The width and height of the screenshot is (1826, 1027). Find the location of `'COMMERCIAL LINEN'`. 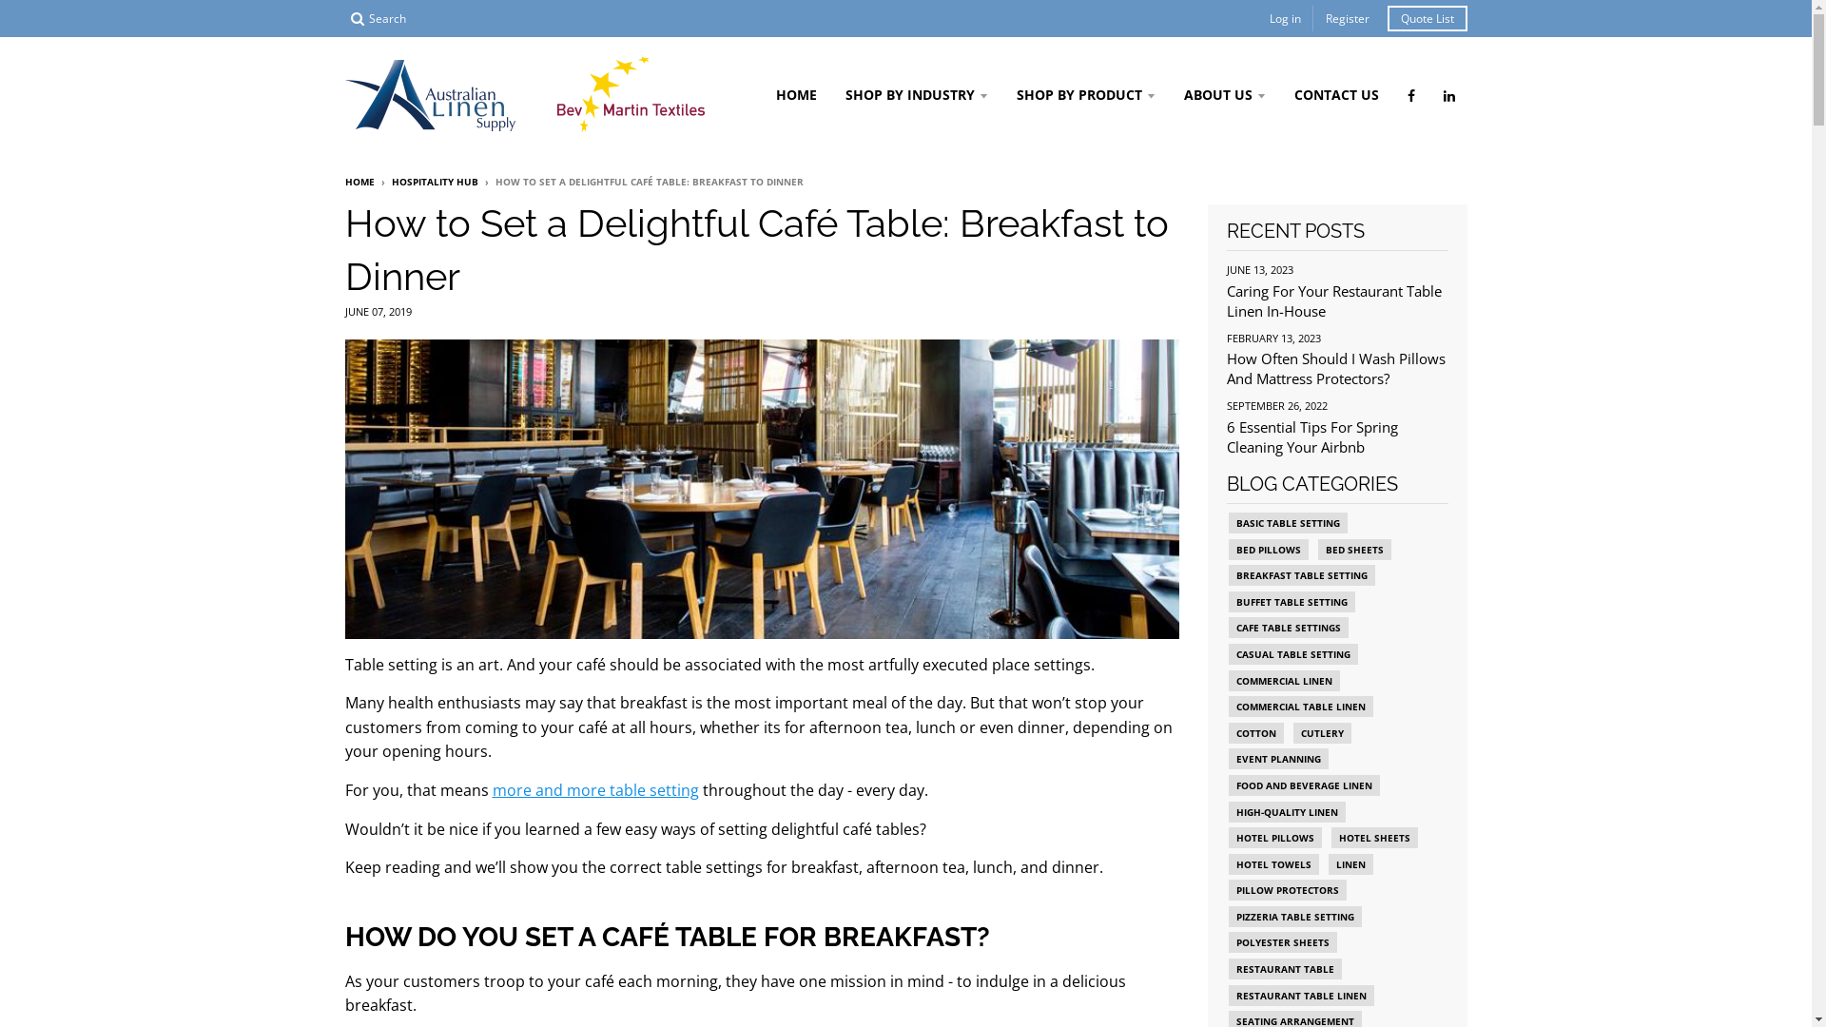

'COMMERCIAL LINEN' is located at coordinates (1284, 680).